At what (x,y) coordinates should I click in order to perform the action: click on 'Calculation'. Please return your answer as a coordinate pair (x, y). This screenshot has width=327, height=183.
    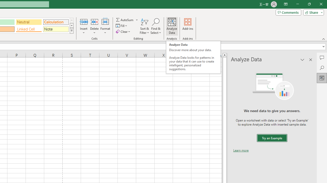
    Looking at the image, I should click on (56, 22).